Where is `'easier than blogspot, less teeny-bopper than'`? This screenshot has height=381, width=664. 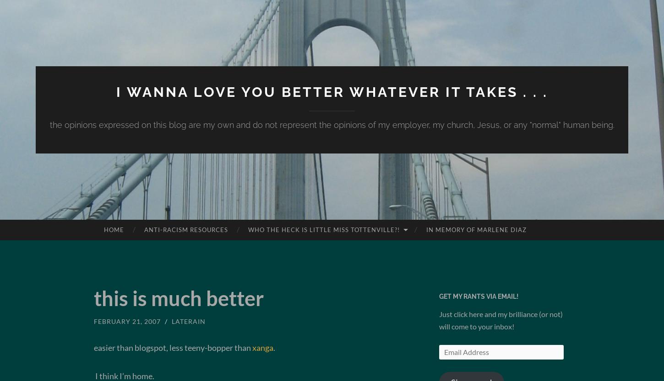 'easier than blogspot, less teeny-bopper than' is located at coordinates (173, 348).